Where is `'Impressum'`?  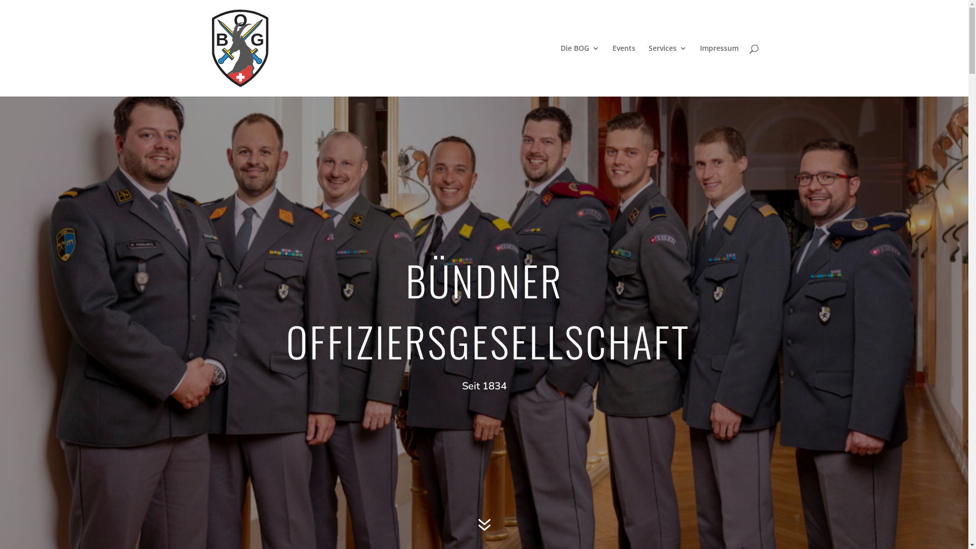
'Impressum' is located at coordinates (718, 70).